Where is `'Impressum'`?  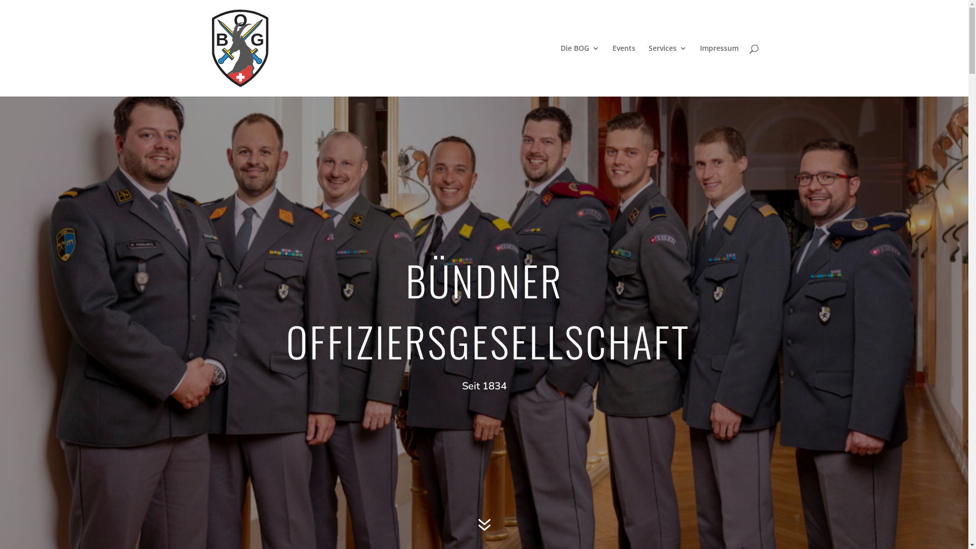
'Impressum' is located at coordinates (718, 70).